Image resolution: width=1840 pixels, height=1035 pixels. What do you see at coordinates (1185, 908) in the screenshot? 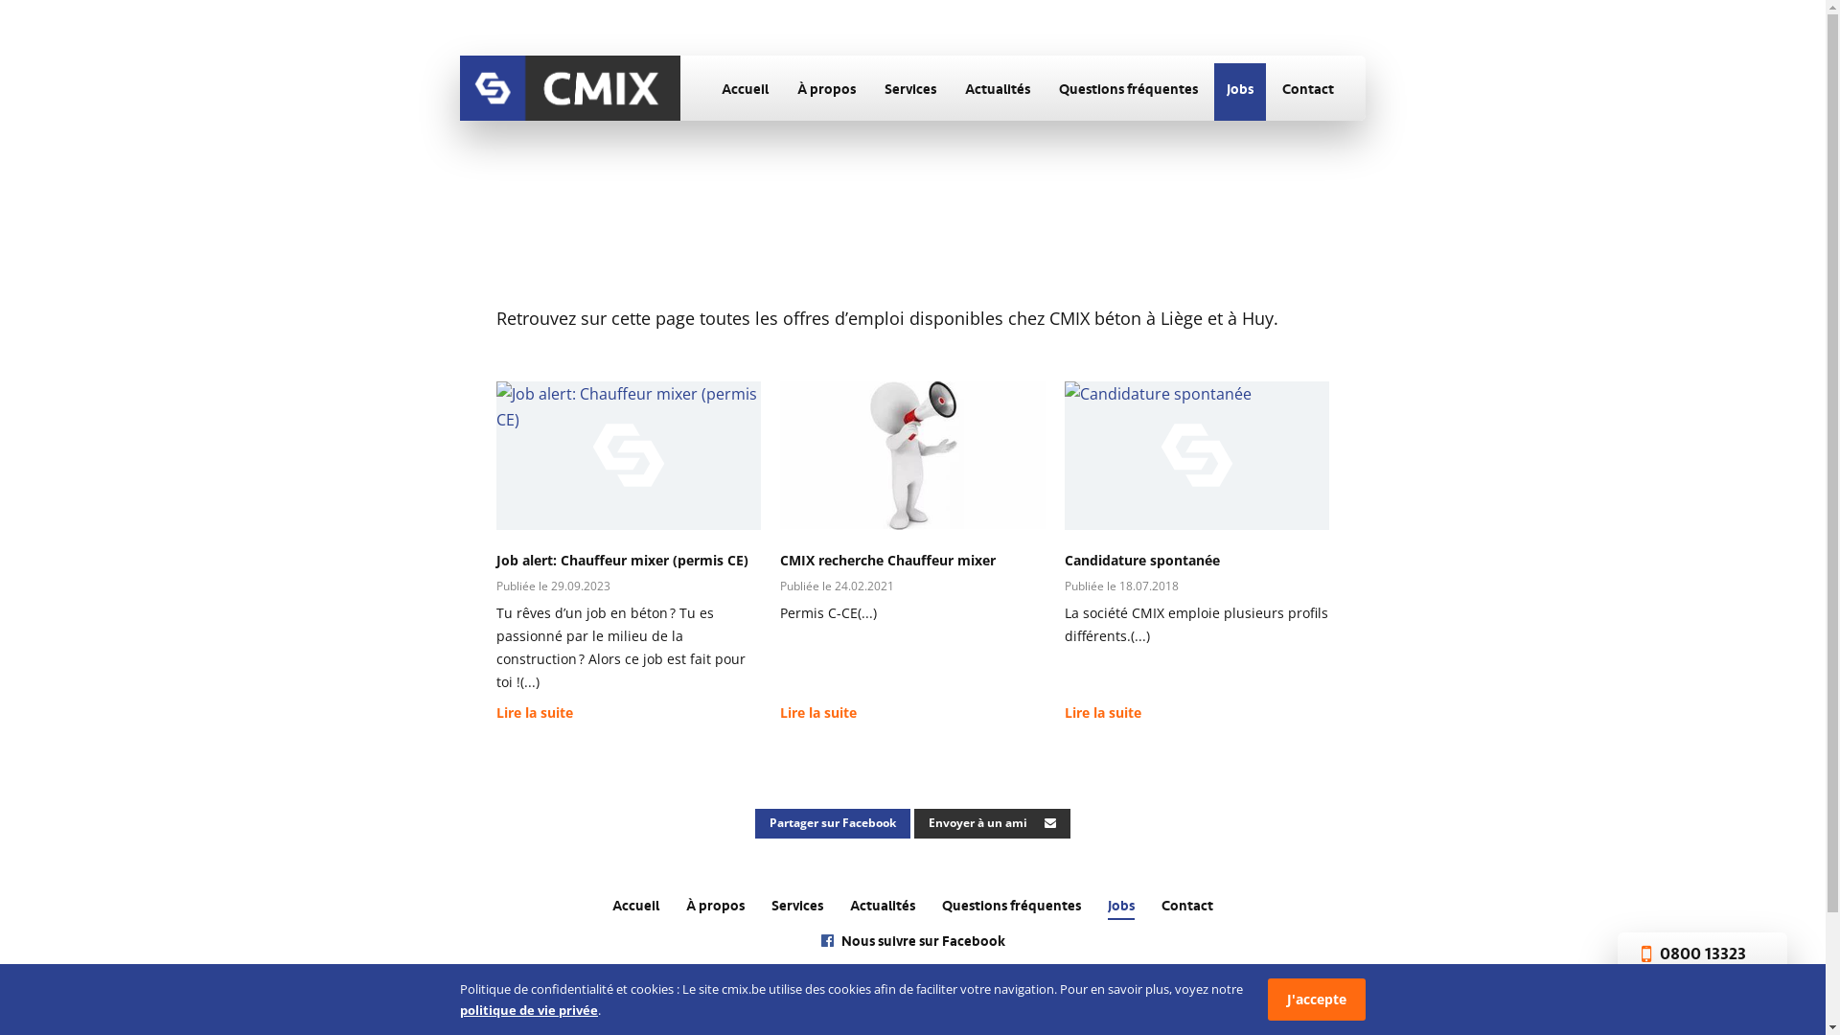
I see `'Contact'` at bounding box center [1185, 908].